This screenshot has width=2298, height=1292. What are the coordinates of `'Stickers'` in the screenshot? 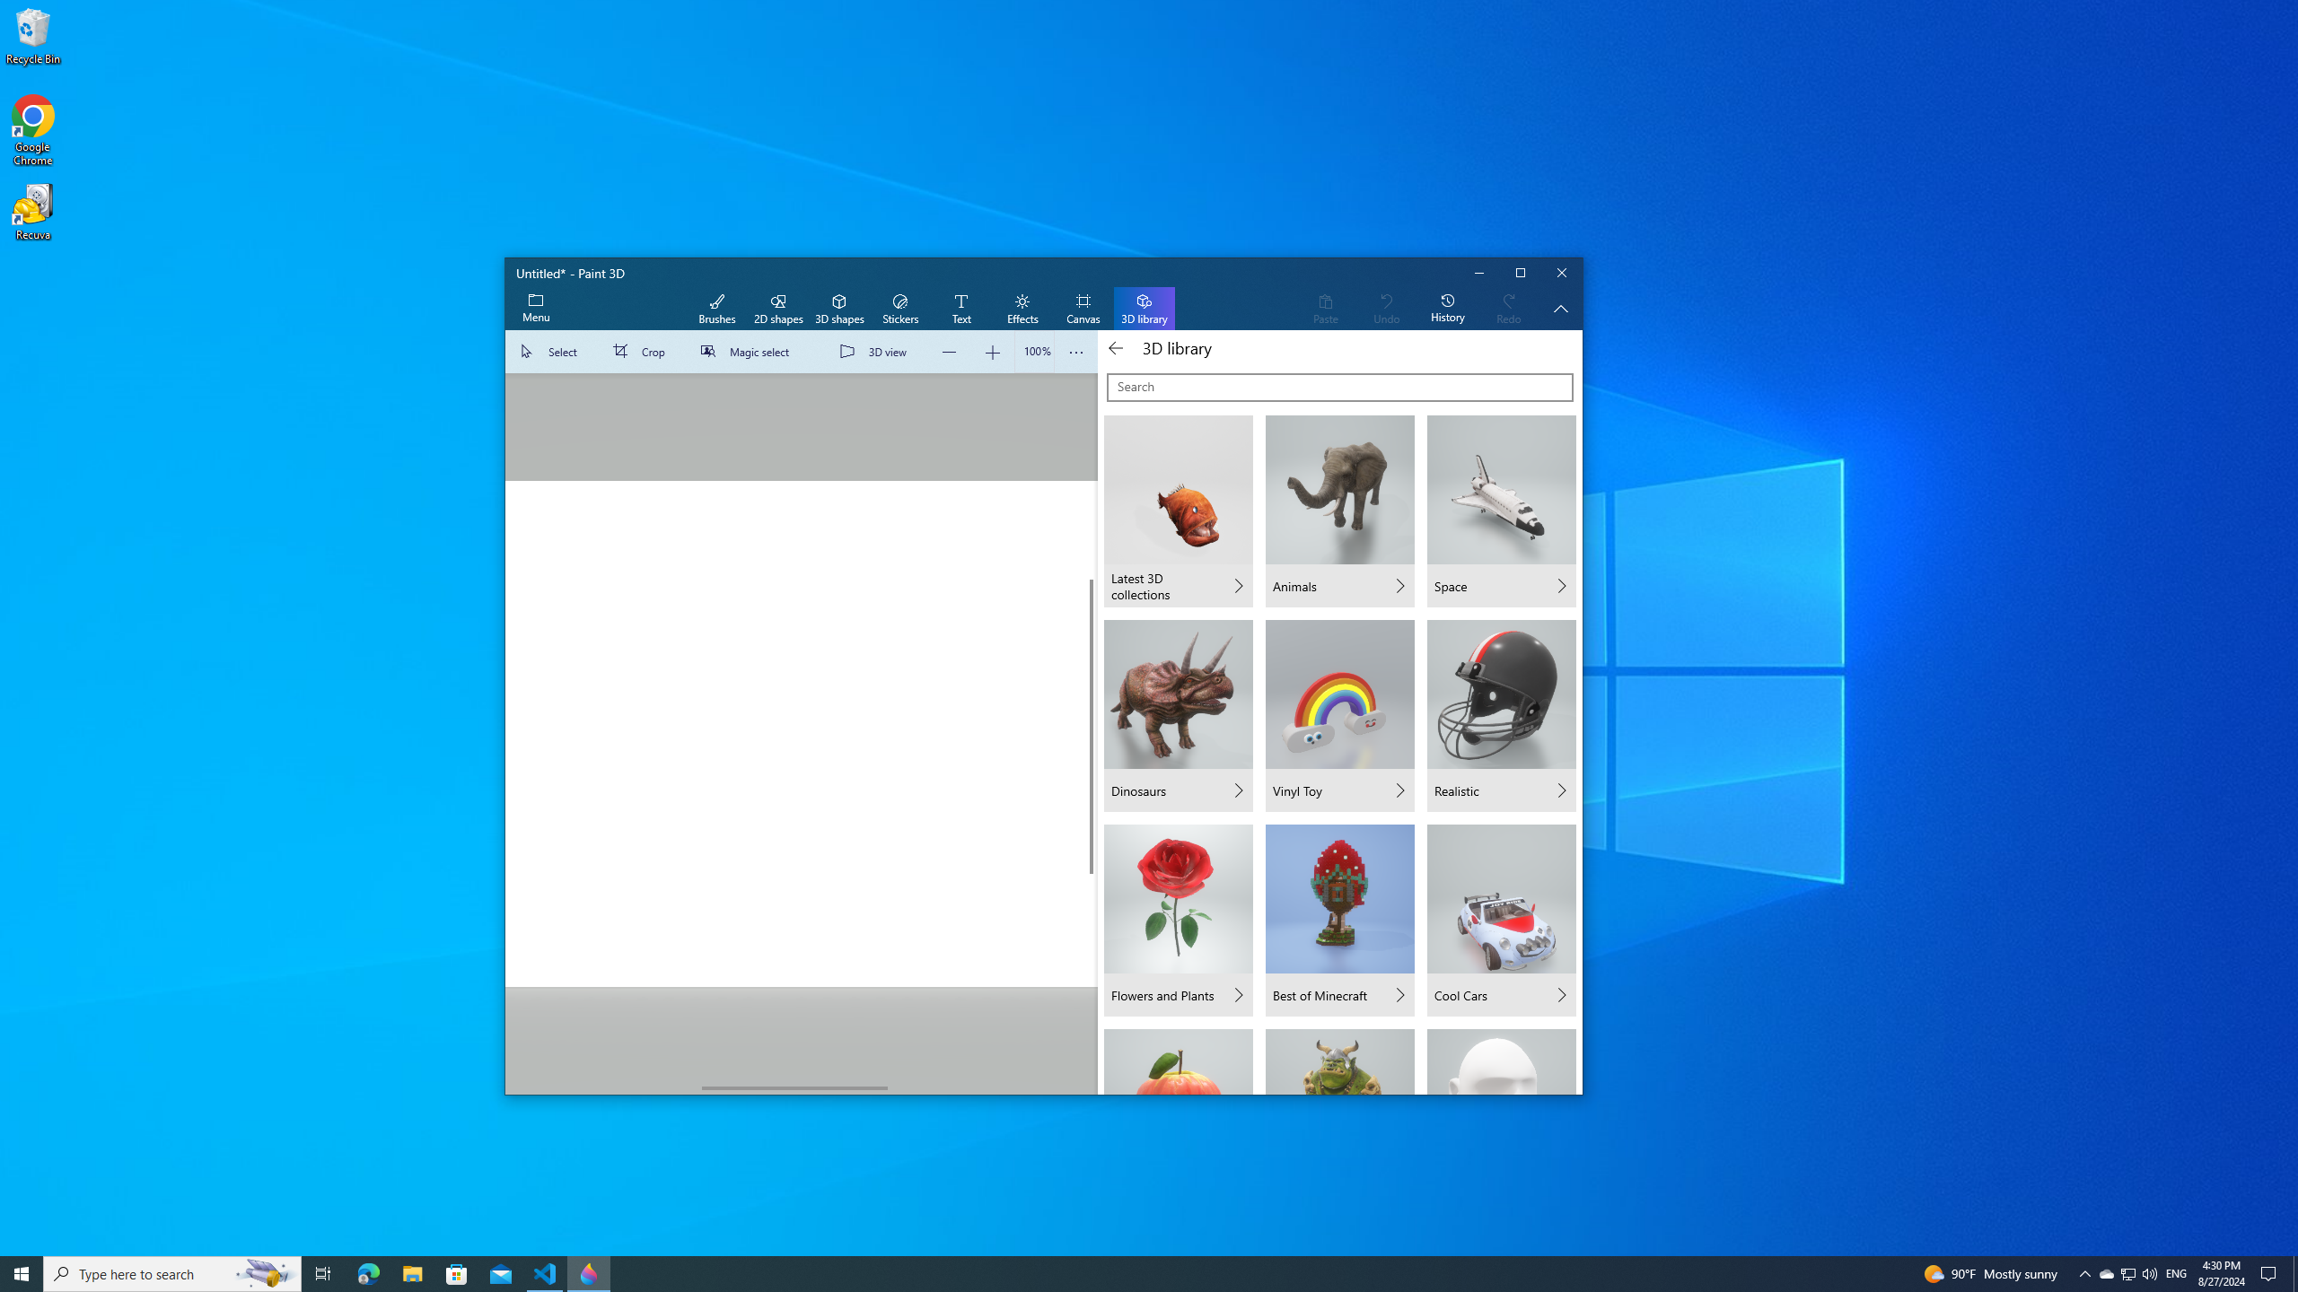 It's located at (899, 309).